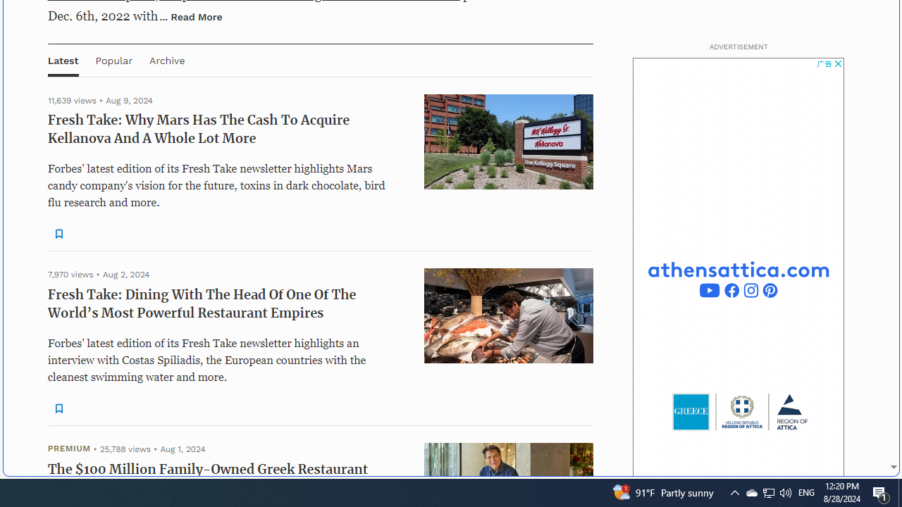  What do you see at coordinates (166, 59) in the screenshot?
I see `'Archive'` at bounding box center [166, 59].